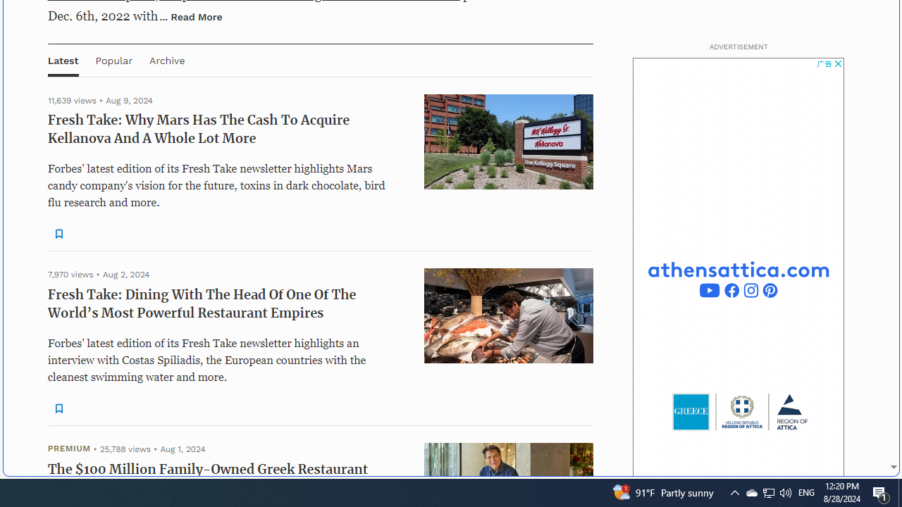  What do you see at coordinates (166, 59) in the screenshot?
I see `'Archive'` at bounding box center [166, 59].